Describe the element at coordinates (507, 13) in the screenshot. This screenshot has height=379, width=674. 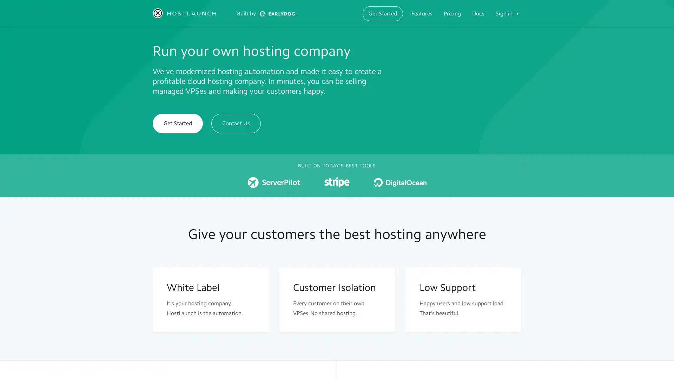
I see `Sign in` at that location.